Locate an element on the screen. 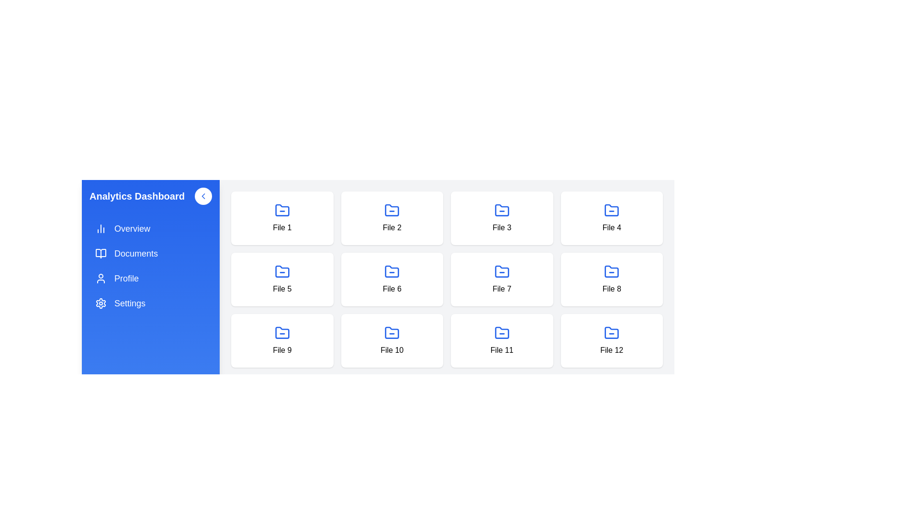 The image size is (919, 517). the 'Documents' menu item in the sidebar to navigate to the 'Documents' section is located at coordinates (150, 253).